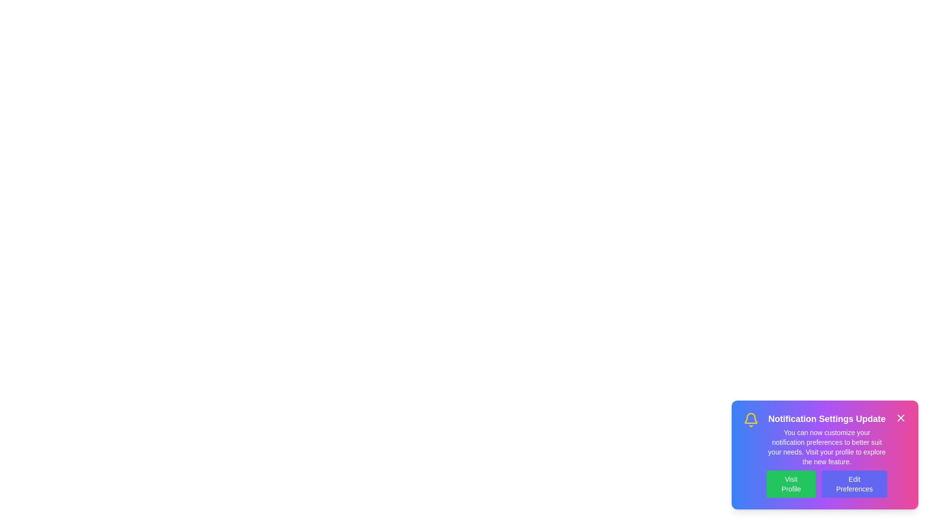 This screenshot has width=934, height=525. I want to click on the notification icon to explore additional functionalities, so click(751, 420).